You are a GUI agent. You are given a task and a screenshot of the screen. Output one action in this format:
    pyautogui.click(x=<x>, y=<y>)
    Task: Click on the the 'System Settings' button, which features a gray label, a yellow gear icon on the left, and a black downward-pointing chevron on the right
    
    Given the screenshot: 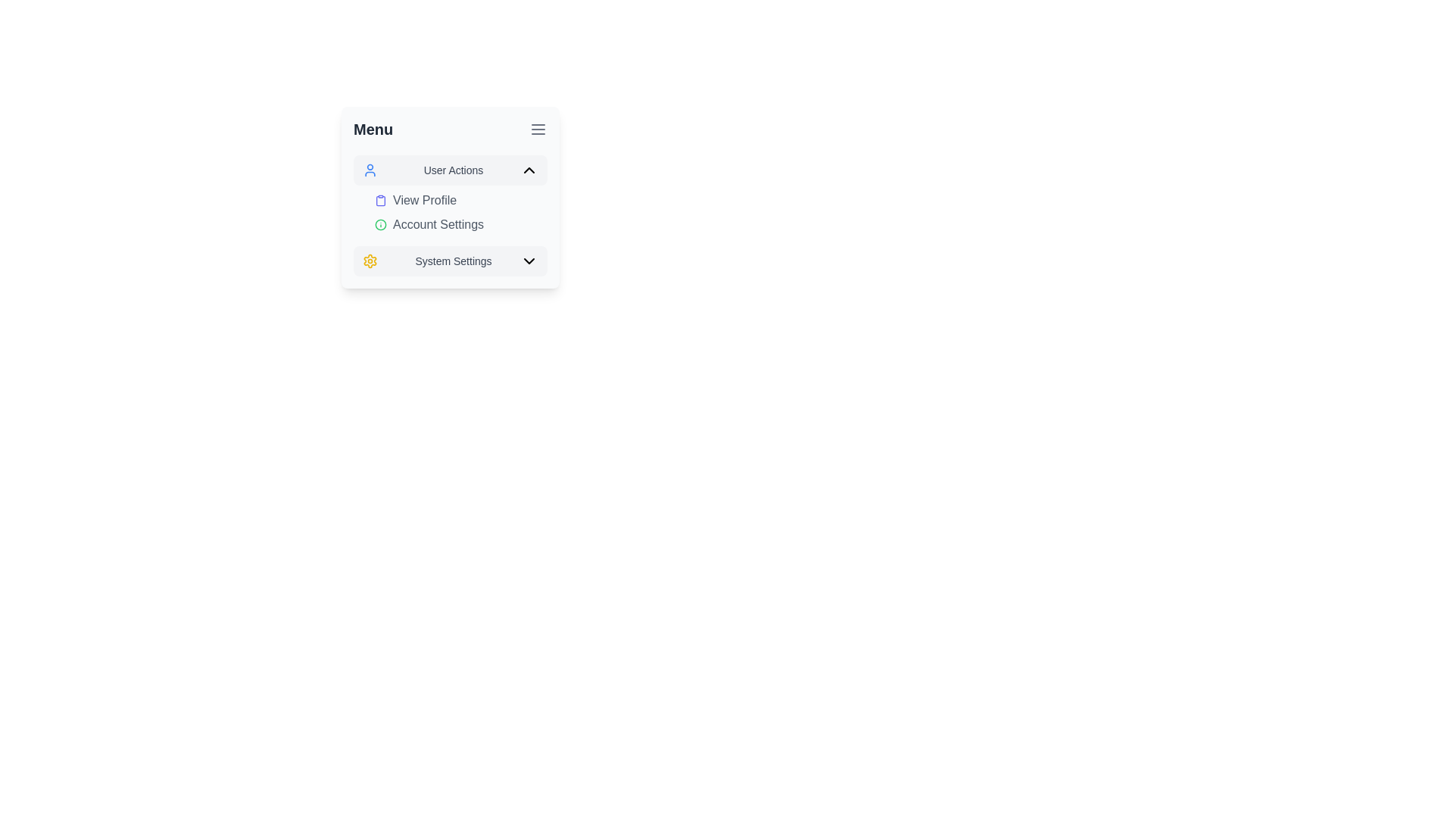 What is the action you would take?
    pyautogui.click(x=450, y=260)
    